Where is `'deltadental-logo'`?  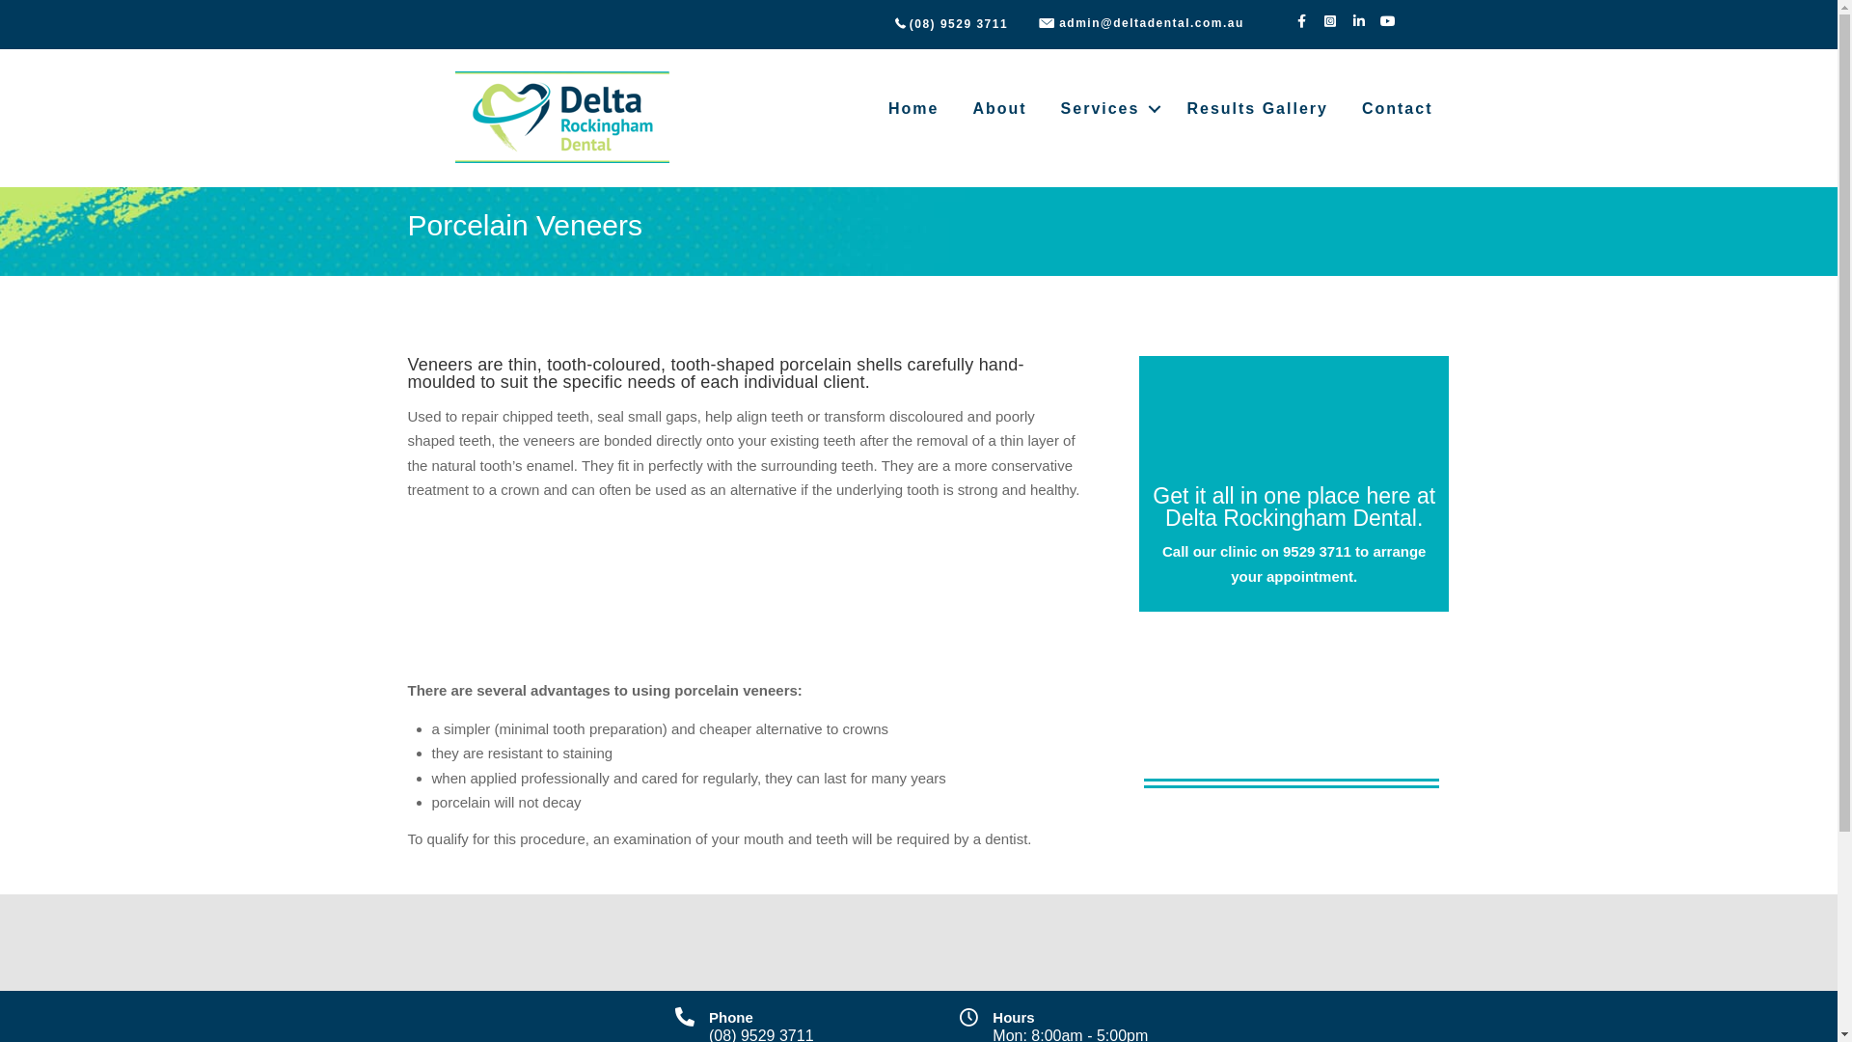
'deltadental-logo' is located at coordinates (563, 118).